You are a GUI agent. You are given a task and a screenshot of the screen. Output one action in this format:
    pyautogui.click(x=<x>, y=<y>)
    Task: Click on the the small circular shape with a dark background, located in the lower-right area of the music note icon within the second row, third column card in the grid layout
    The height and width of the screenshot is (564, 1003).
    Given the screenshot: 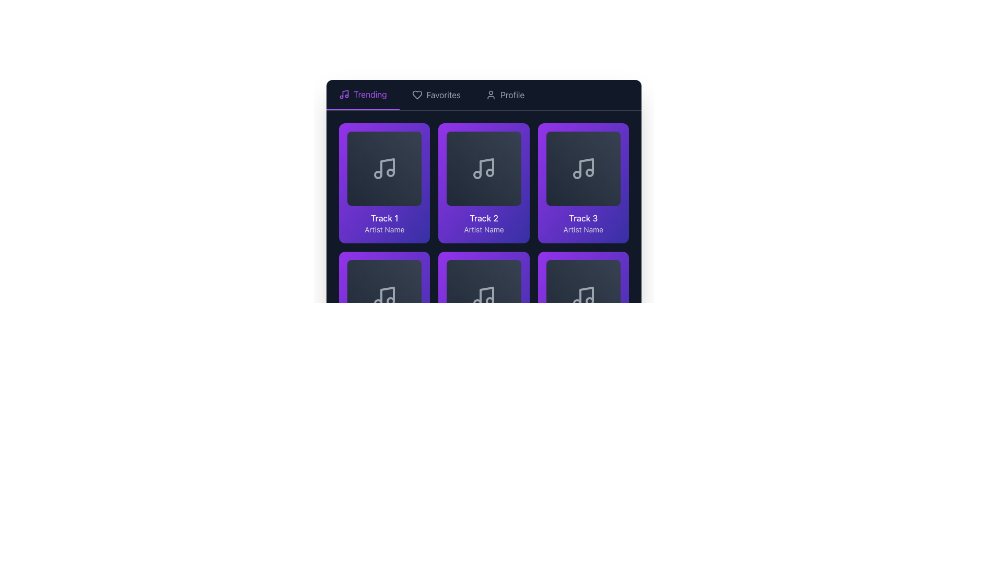 What is the action you would take?
    pyautogui.click(x=489, y=301)
    